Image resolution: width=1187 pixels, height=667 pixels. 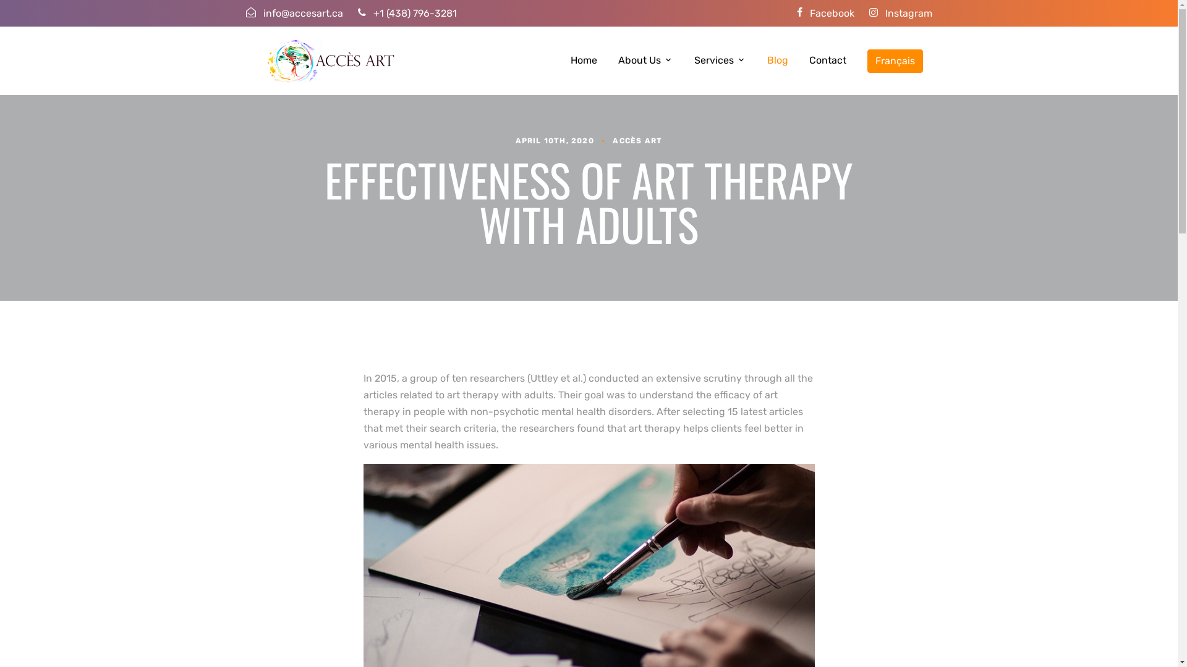 I want to click on 'info@accesart.ca', so click(x=294, y=13).